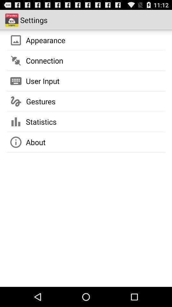  I want to click on the icon below settings icon, so click(45, 40).